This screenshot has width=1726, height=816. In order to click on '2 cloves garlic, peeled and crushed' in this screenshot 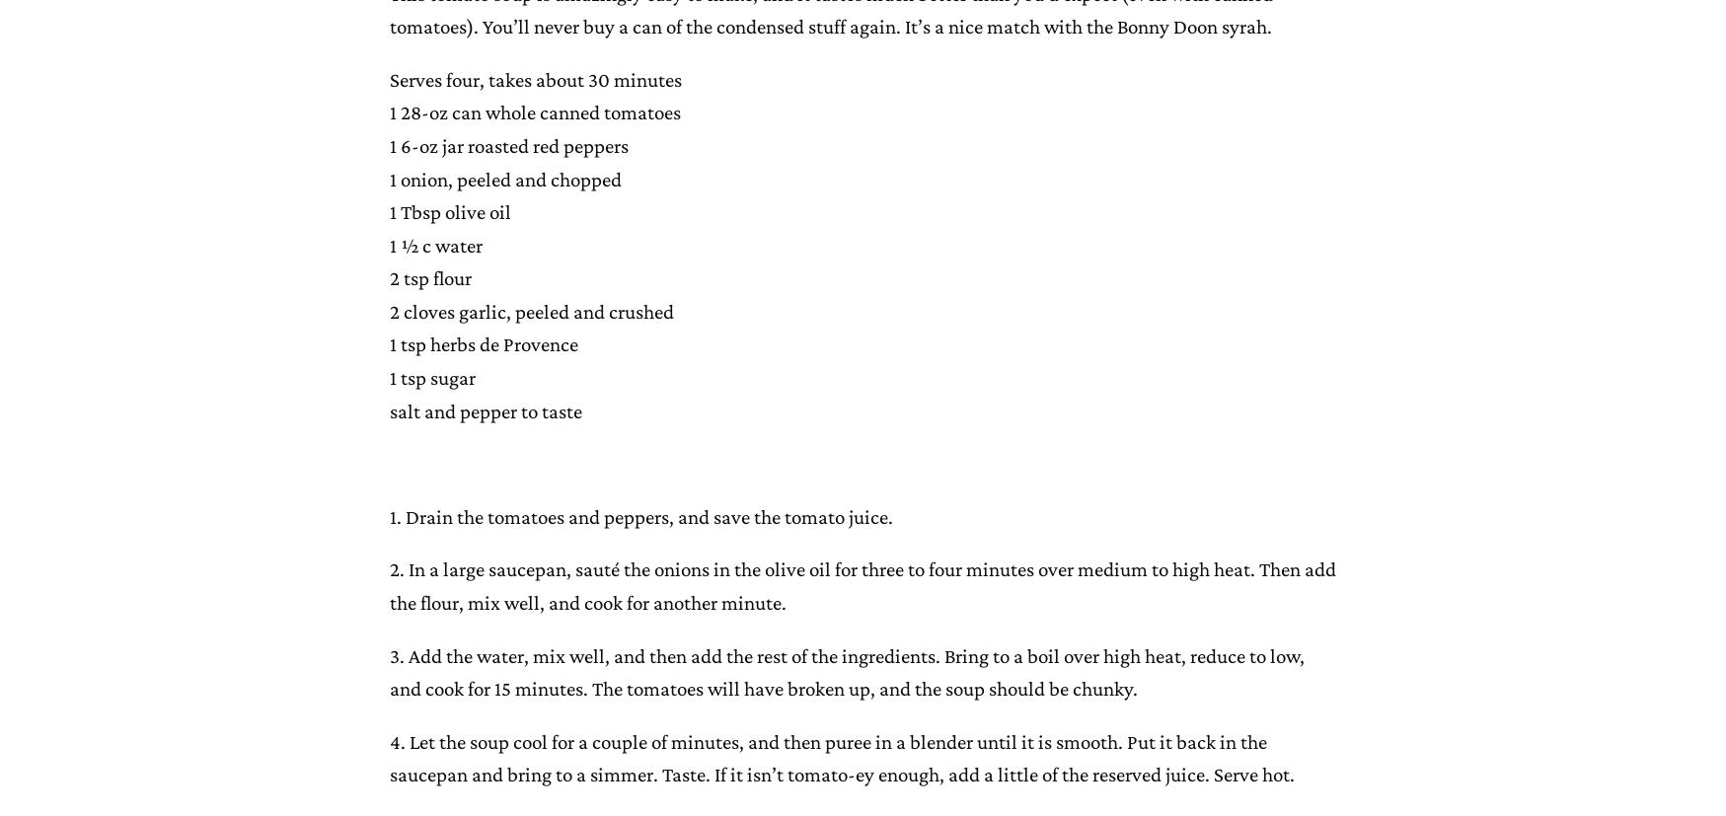, I will do `click(389, 310)`.